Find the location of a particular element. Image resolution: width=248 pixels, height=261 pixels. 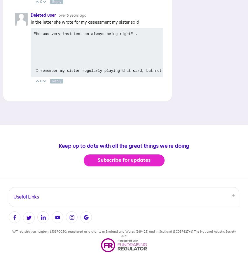

'over 5 years ago' is located at coordinates (72, 15).